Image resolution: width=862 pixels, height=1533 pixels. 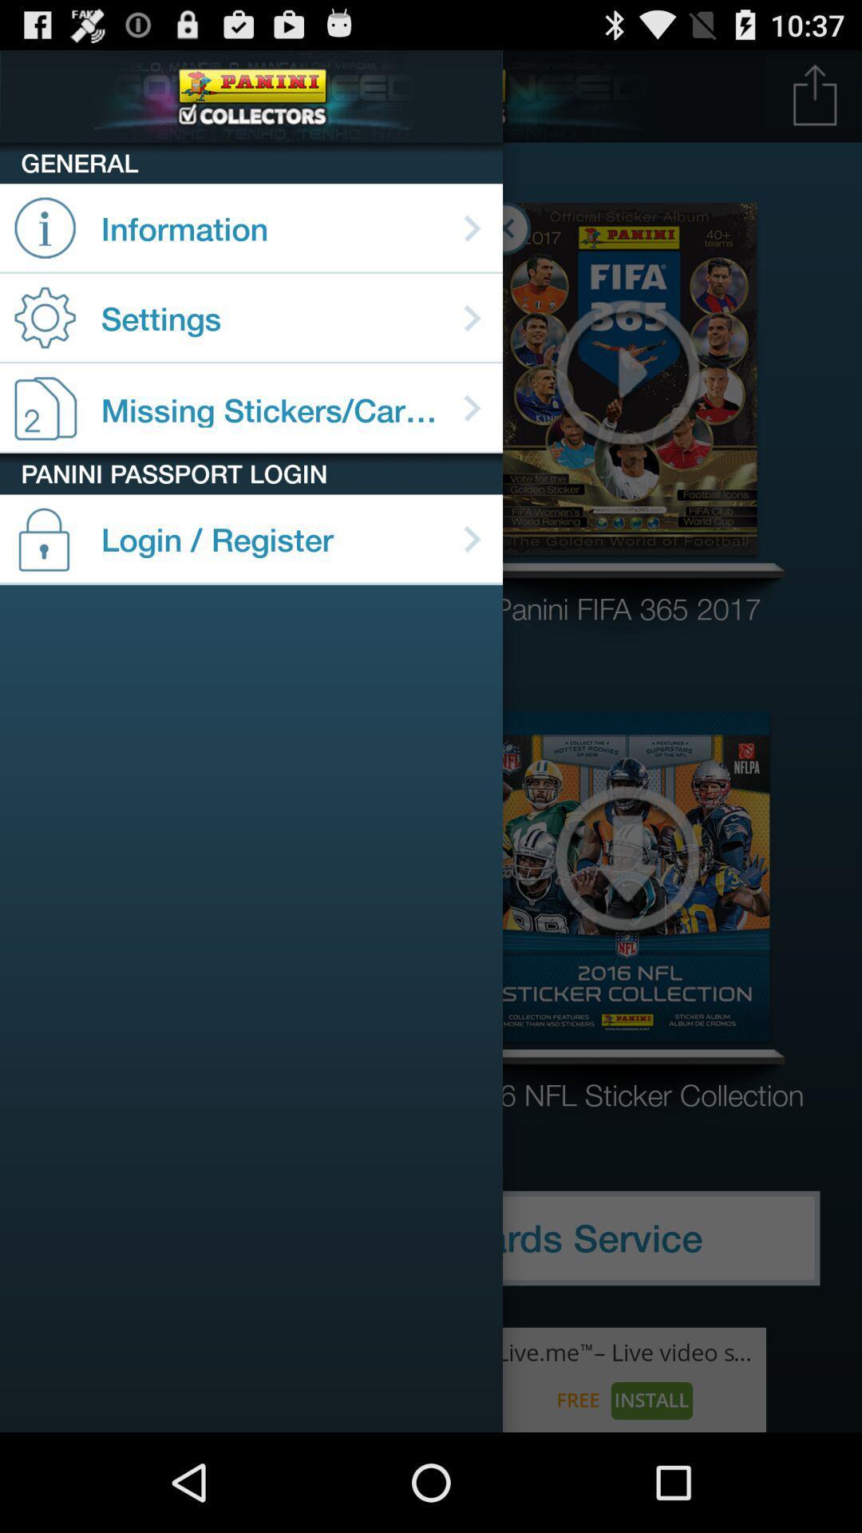 What do you see at coordinates (627, 396) in the screenshot?
I see `the play icon` at bounding box center [627, 396].